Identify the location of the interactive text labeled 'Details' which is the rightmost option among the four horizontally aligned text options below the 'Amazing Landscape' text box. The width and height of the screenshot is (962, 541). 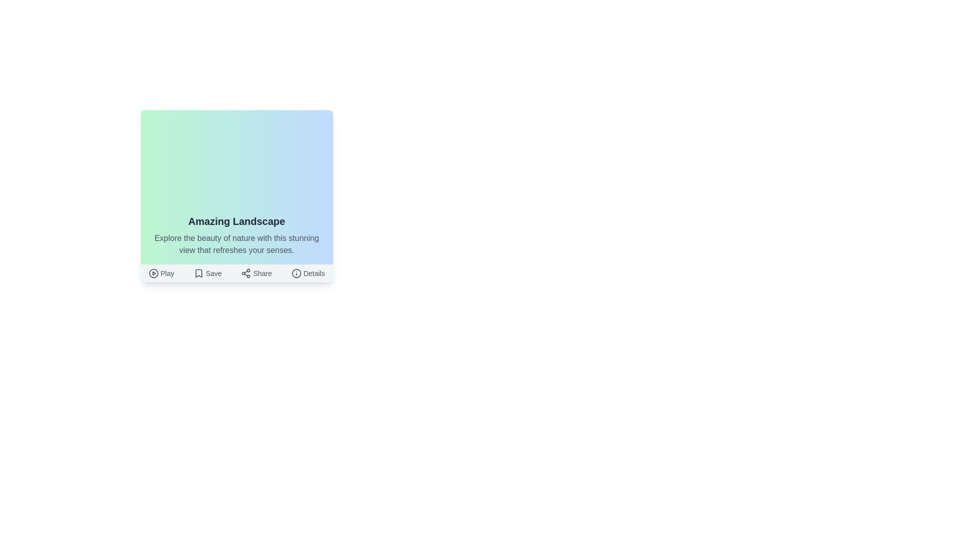
(308, 274).